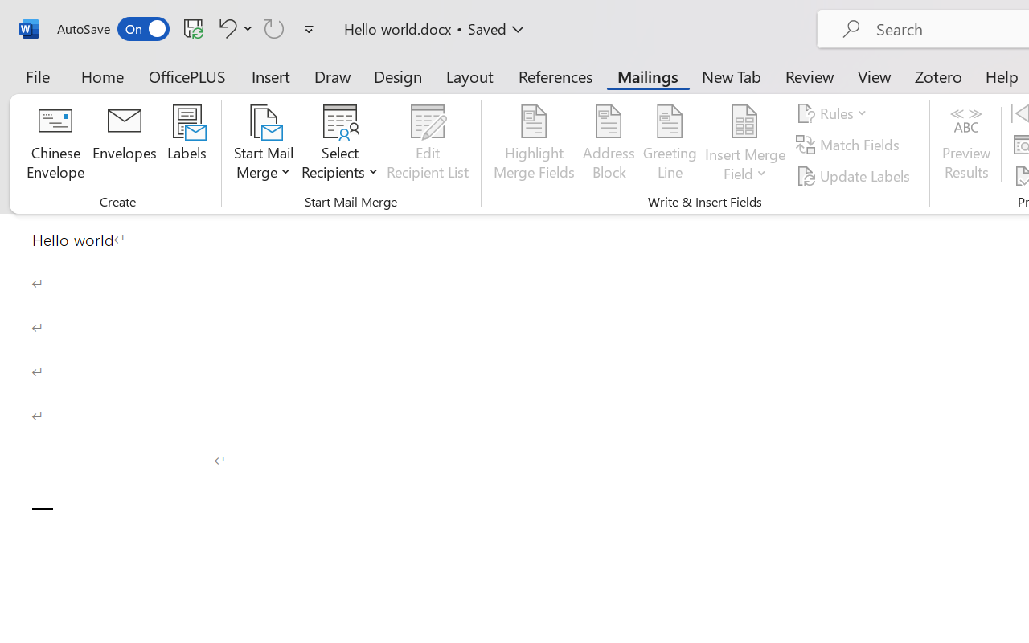 This screenshot has width=1029, height=643. Describe the element at coordinates (849, 144) in the screenshot. I see `'Match Fields...'` at that location.